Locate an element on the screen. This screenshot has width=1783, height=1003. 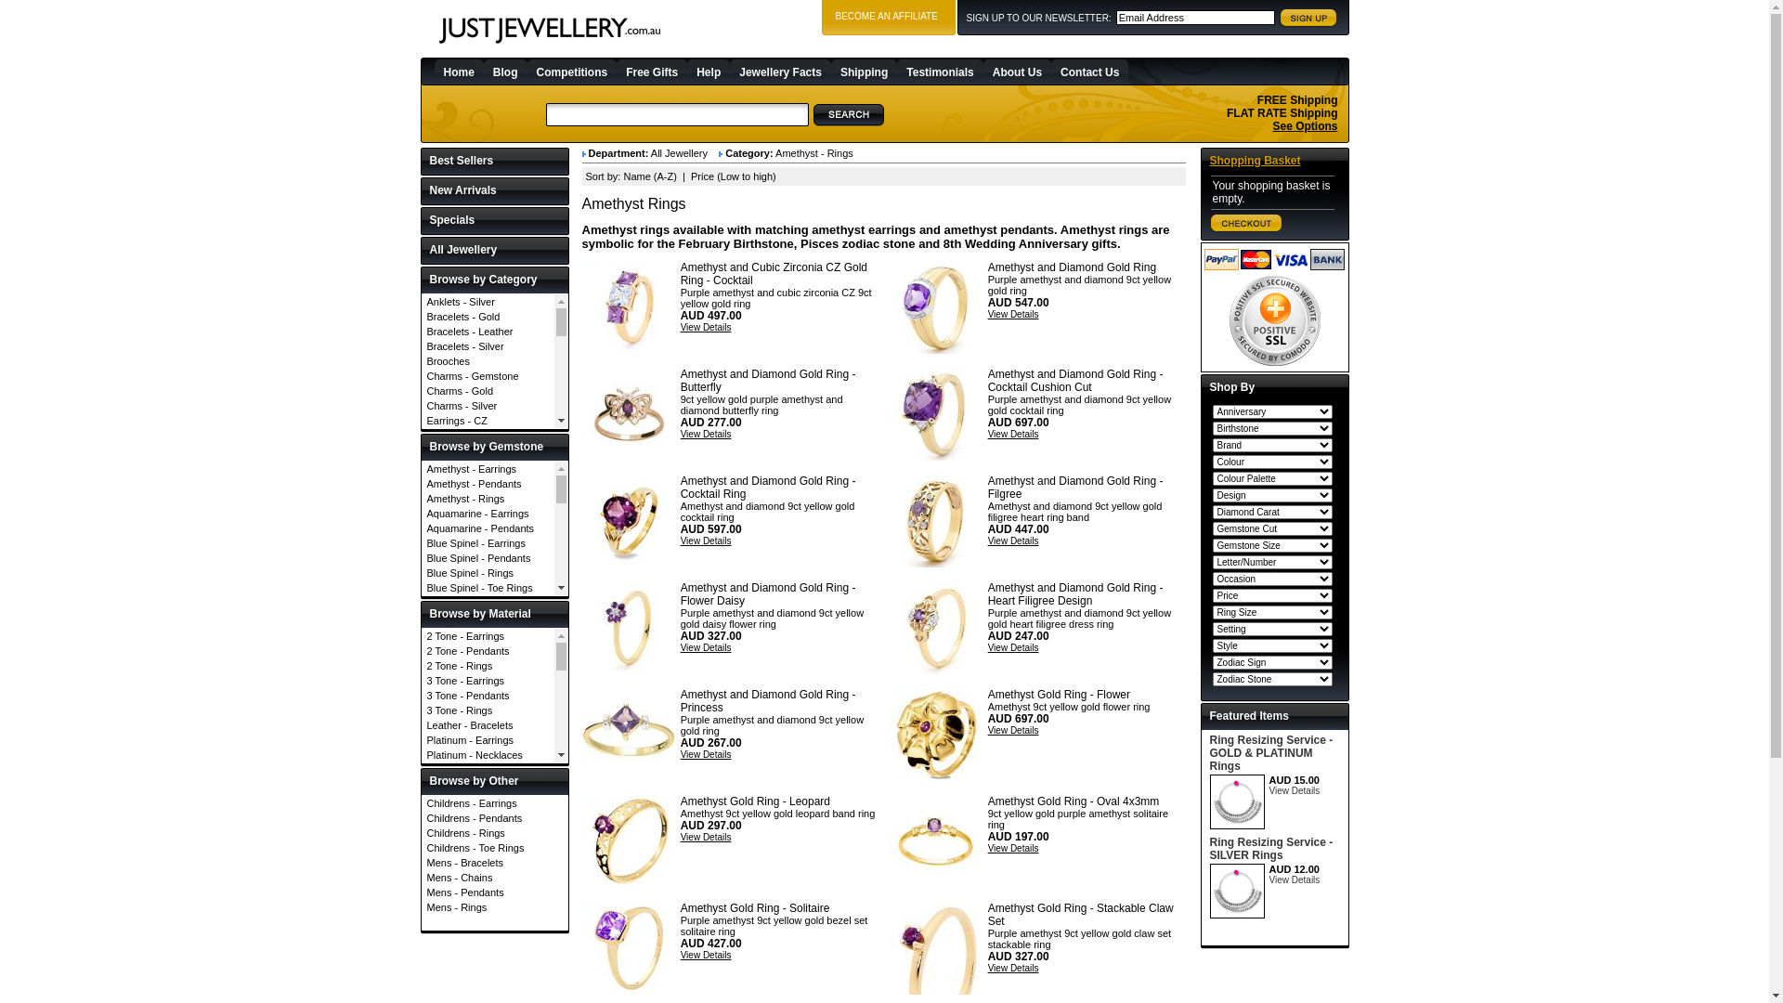
'Childrens - Toe Rings' is located at coordinates (494, 848).